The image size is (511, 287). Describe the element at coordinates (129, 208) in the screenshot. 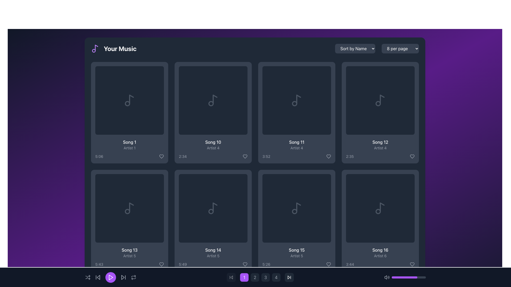

I see `the minimalist dark gray musical note icon located within the grid layout, specifically associated with the tile labeled 'Song 13' by 'Artist 5'` at that location.